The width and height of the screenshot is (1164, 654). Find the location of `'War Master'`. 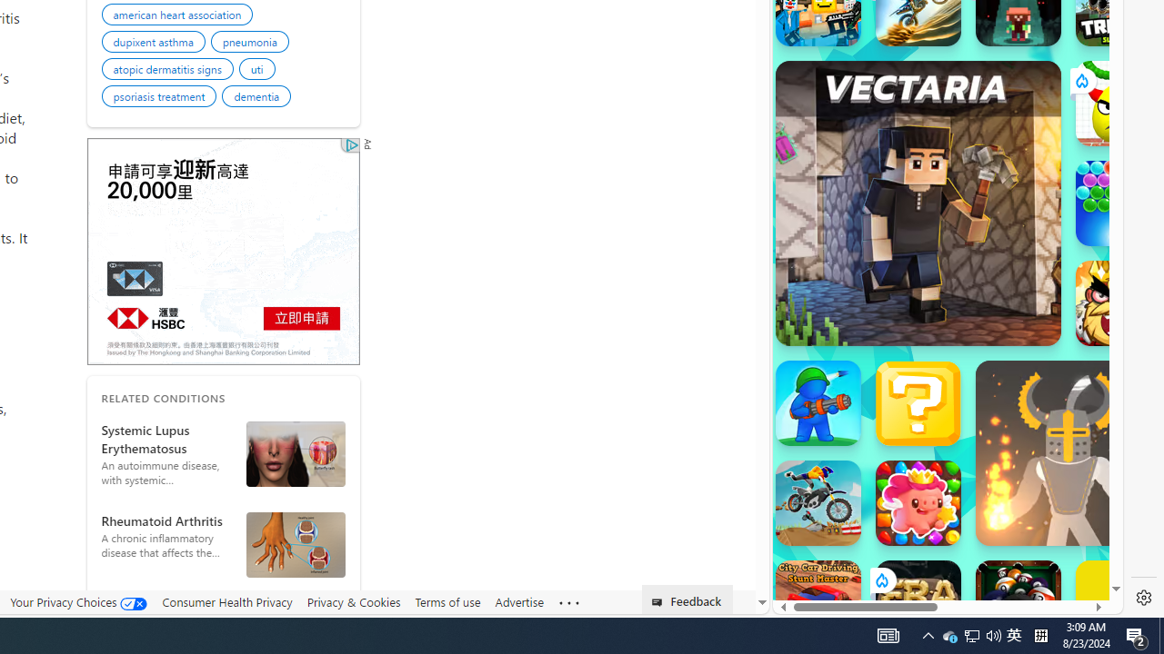

'War Master' is located at coordinates (817, 401).